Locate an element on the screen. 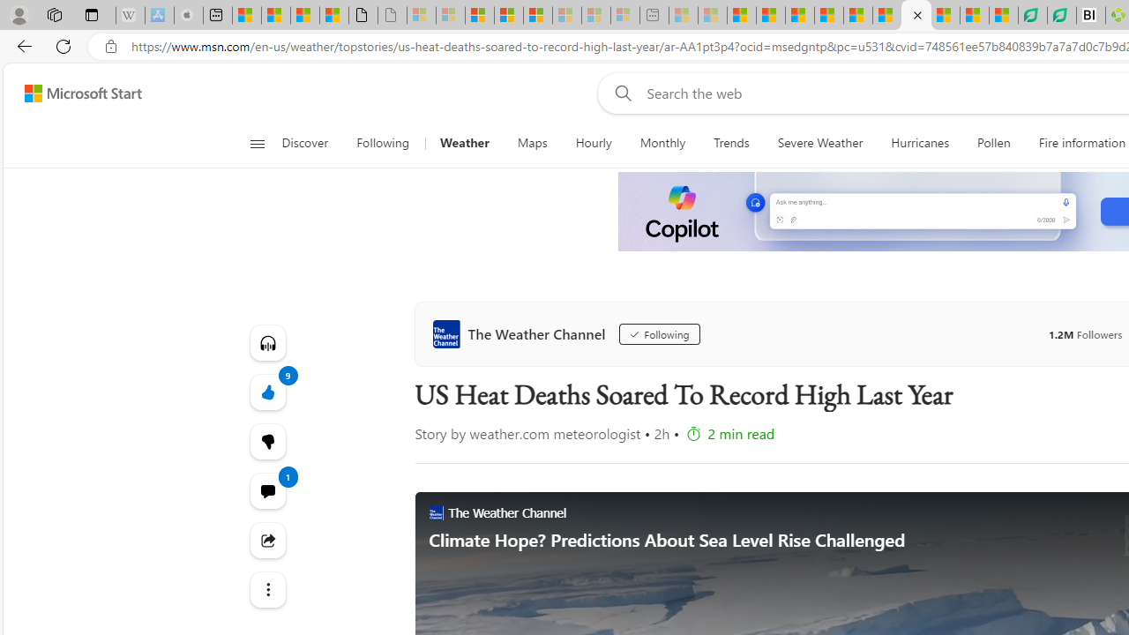 This screenshot has height=635, width=1129. 'Microsoft account | Account Checkup - Sleeping' is located at coordinates (624, 15).